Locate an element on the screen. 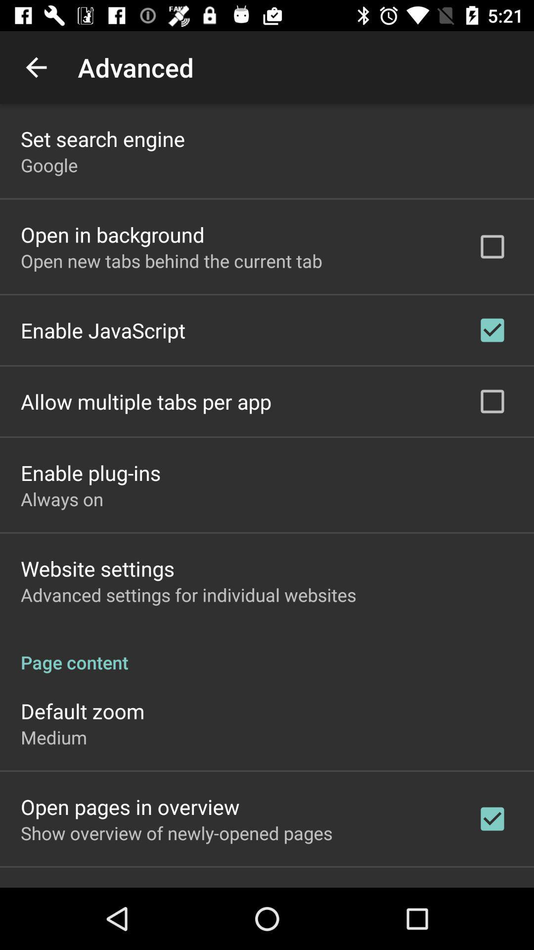 The image size is (534, 950). advanced settings for is located at coordinates (188, 594).